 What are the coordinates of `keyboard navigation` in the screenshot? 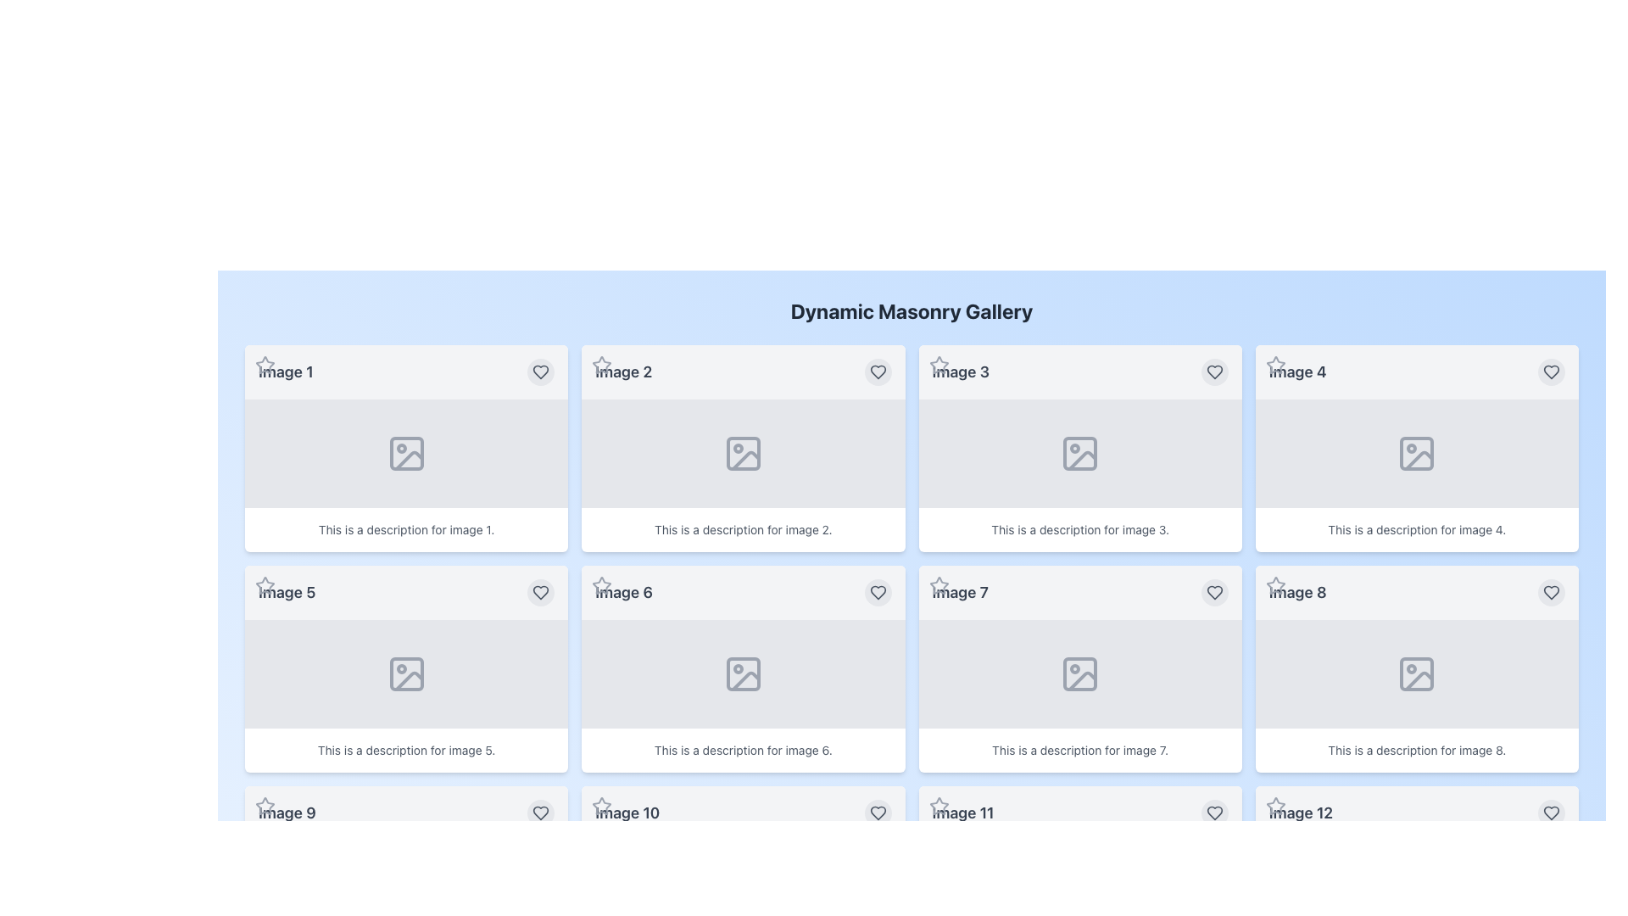 It's located at (938, 364).